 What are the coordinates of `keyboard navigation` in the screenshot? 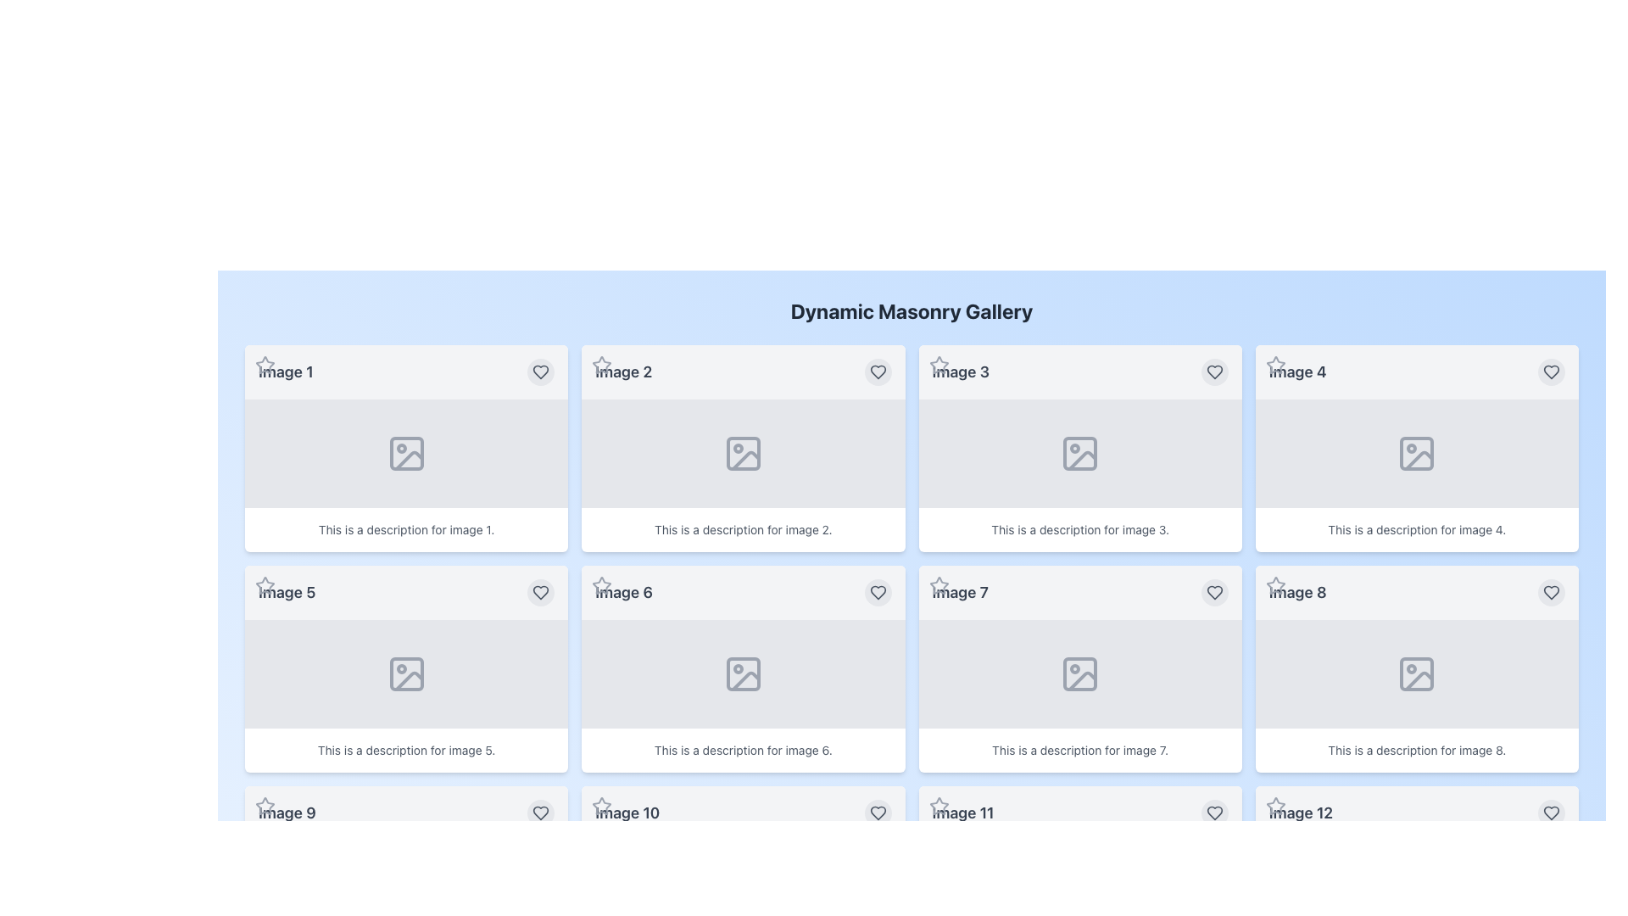 It's located at (938, 364).